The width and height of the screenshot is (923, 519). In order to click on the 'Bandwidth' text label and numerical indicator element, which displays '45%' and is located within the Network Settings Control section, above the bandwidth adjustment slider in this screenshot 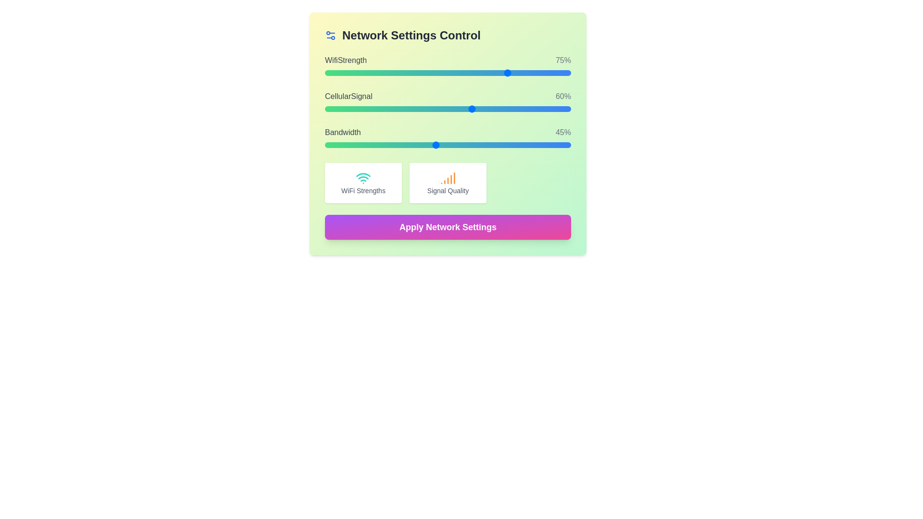, I will do `click(447, 133)`.